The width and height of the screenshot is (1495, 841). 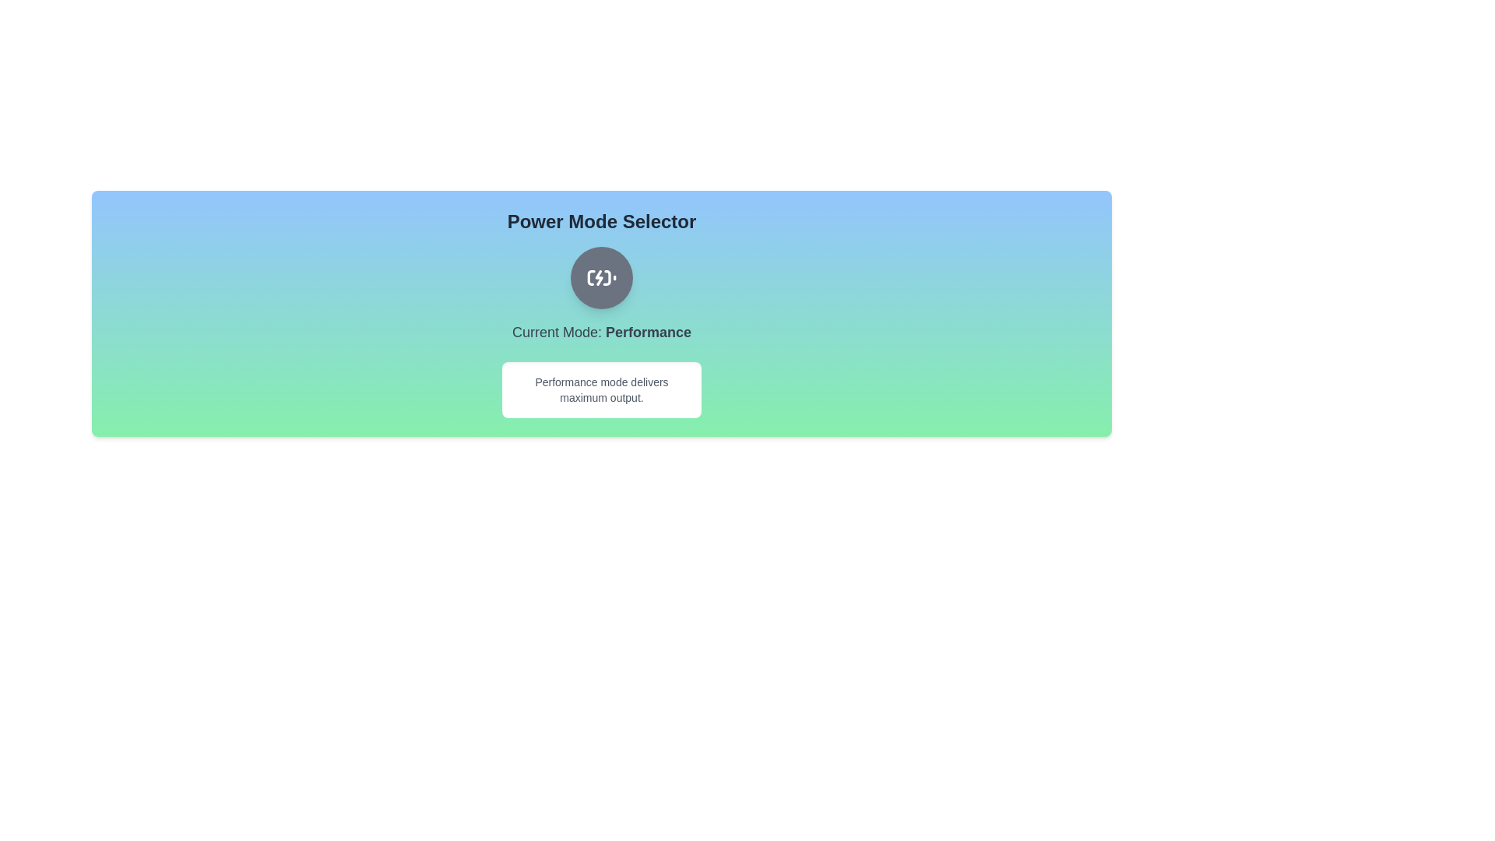 I want to click on the circular button to toggle the power mode, so click(x=600, y=277).